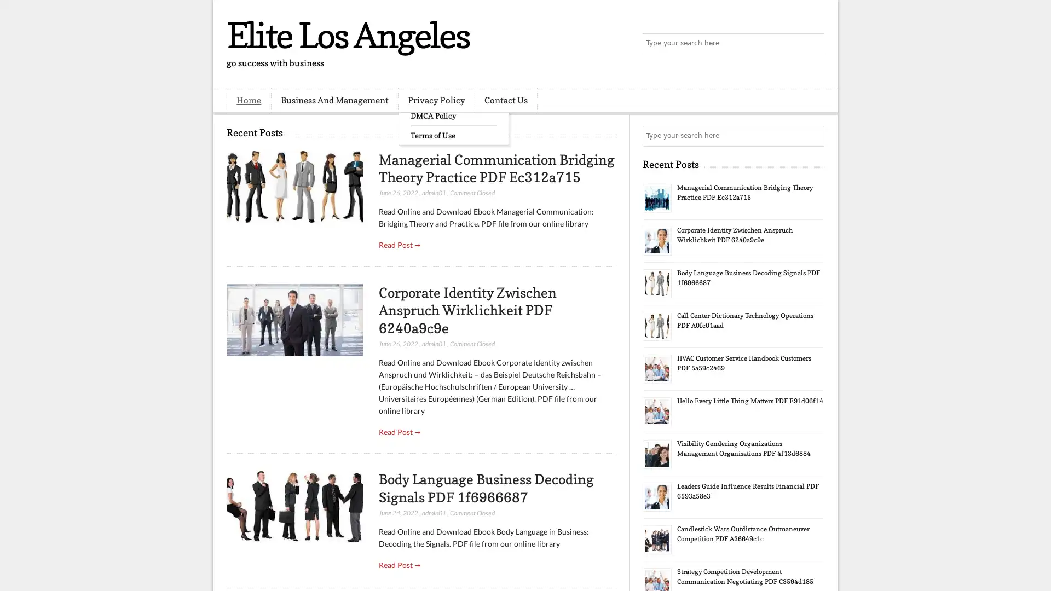 Image resolution: width=1051 pixels, height=591 pixels. Describe the element at coordinates (813, 136) in the screenshot. I see `Search` at that location.